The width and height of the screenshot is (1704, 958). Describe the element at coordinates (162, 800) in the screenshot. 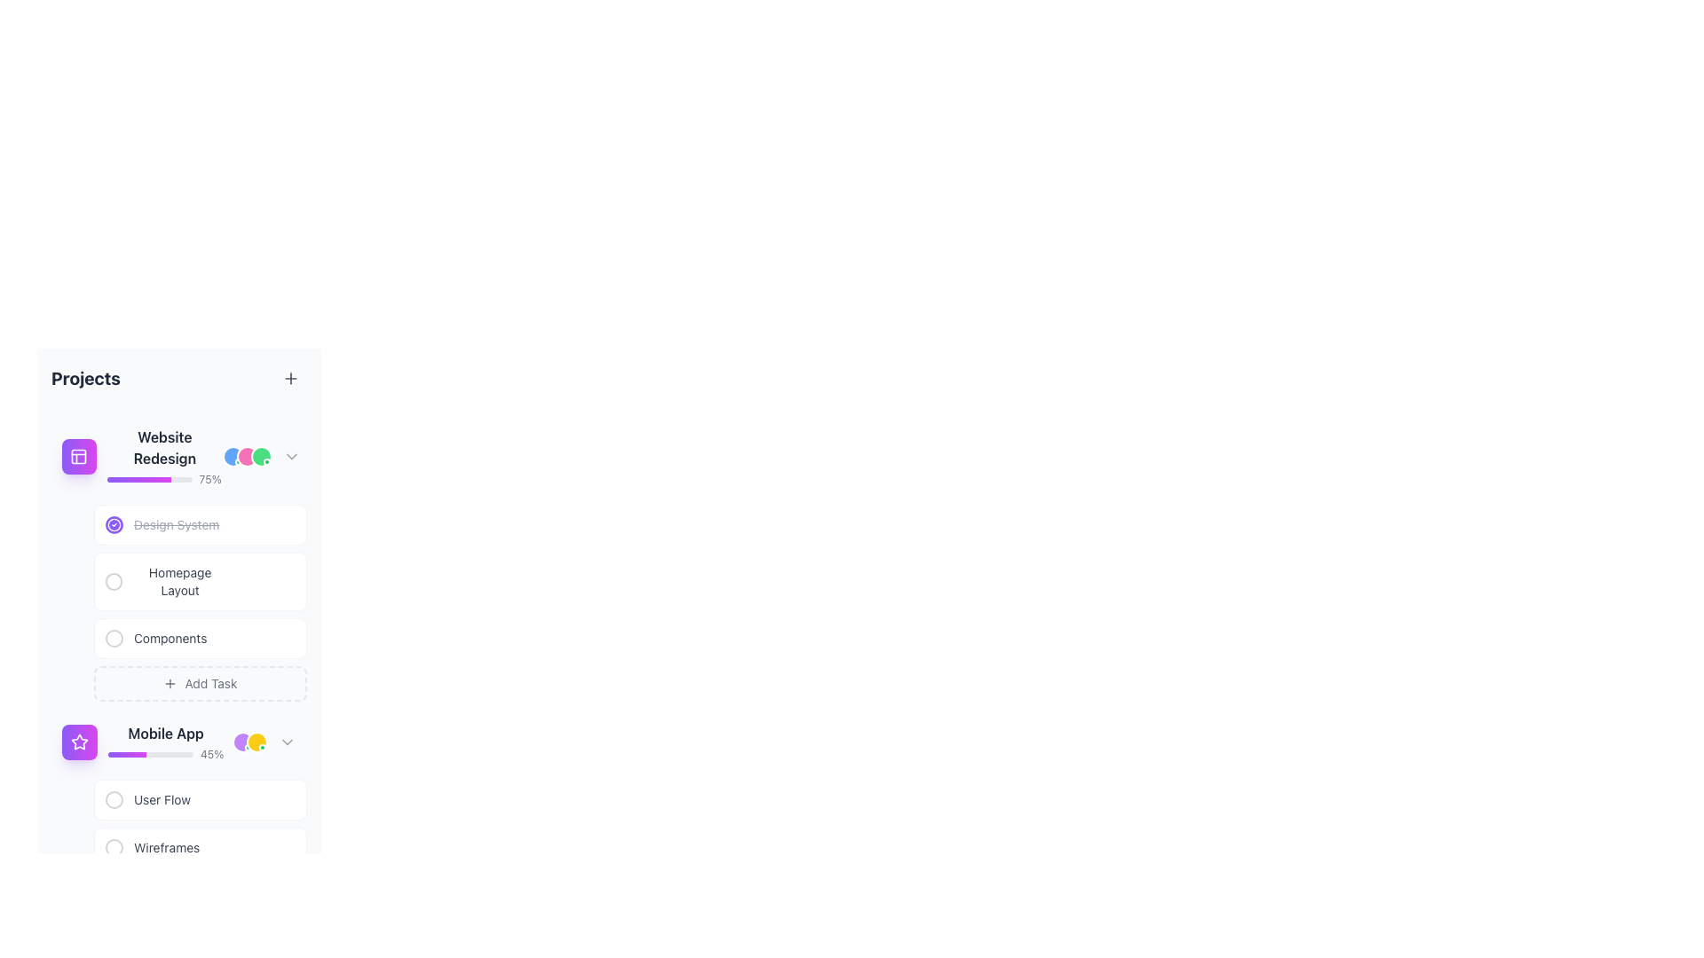

I see `the 'User Flow' text label, which is a smaller gray font indicating secondary text, located in the 'Mobile App' section below the progress bar and above the 'Wireframes' item` at that location.